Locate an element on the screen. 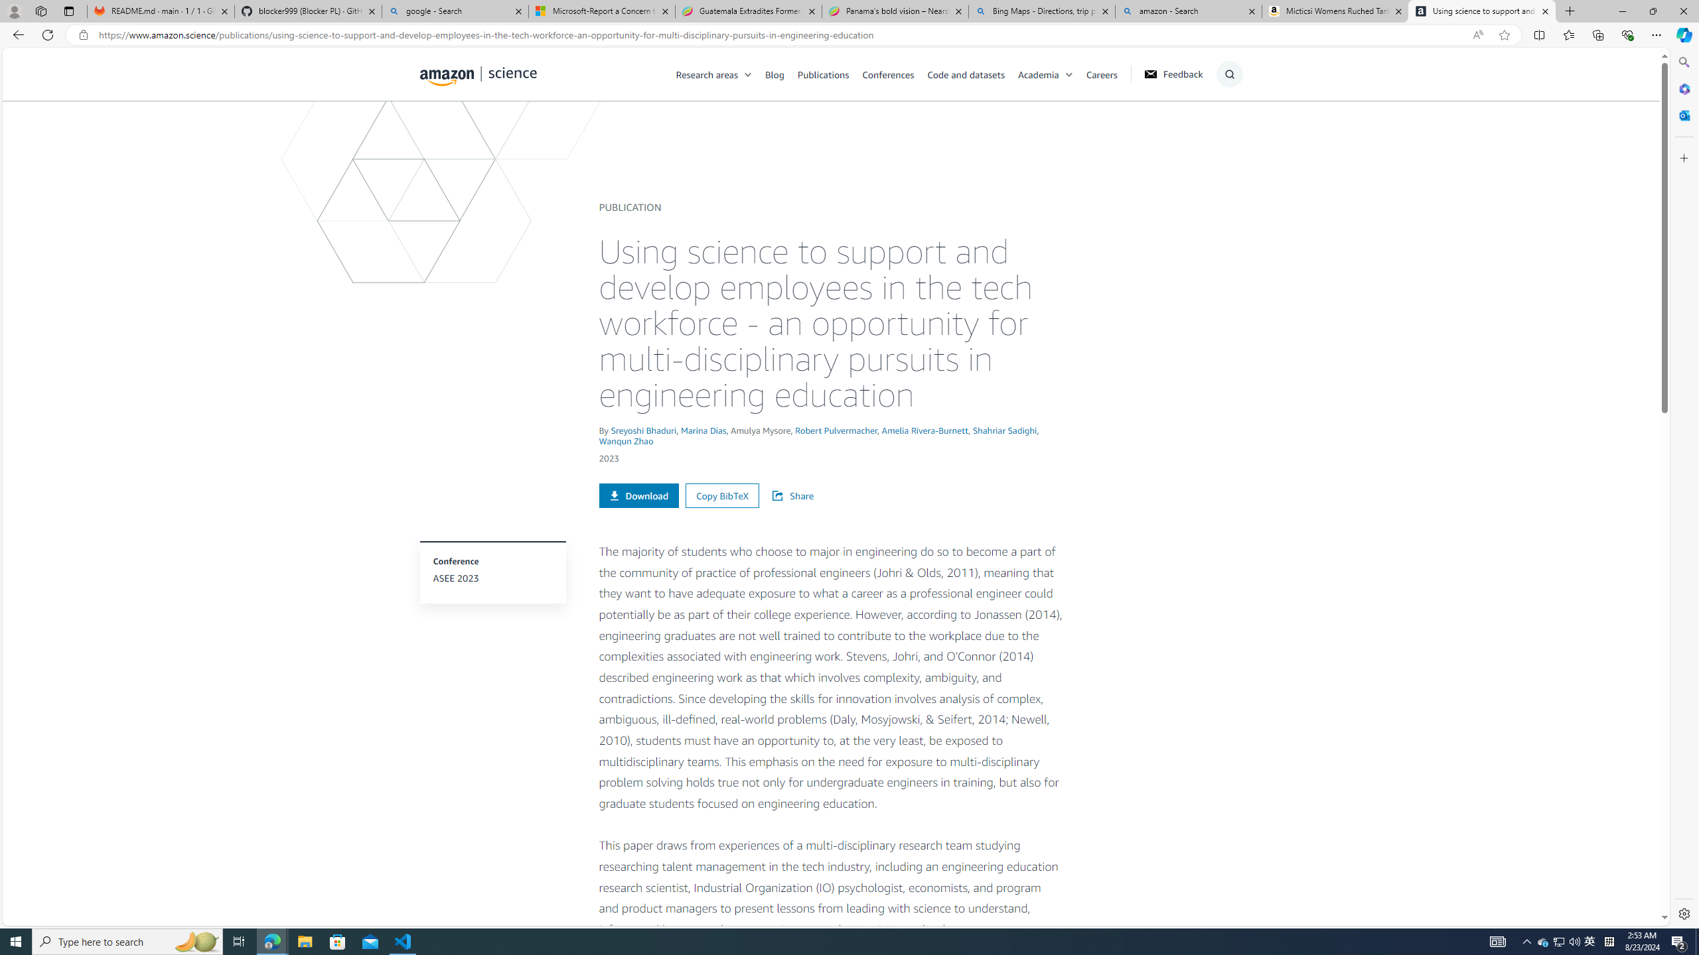 The height and width of the screenshot is (955, 1699). 'Research areas' is located at coordinates (707, 74).